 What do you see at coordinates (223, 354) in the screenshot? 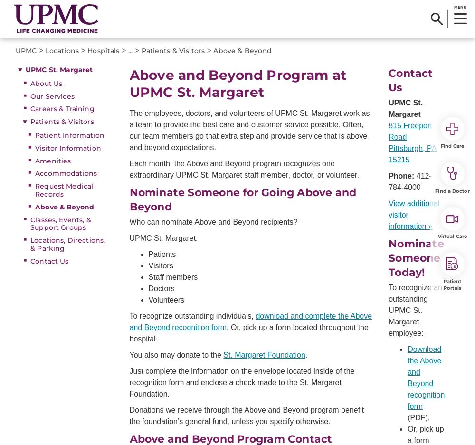
I see `'St. Margaret Foundation'` at bounding box center [223, 354].